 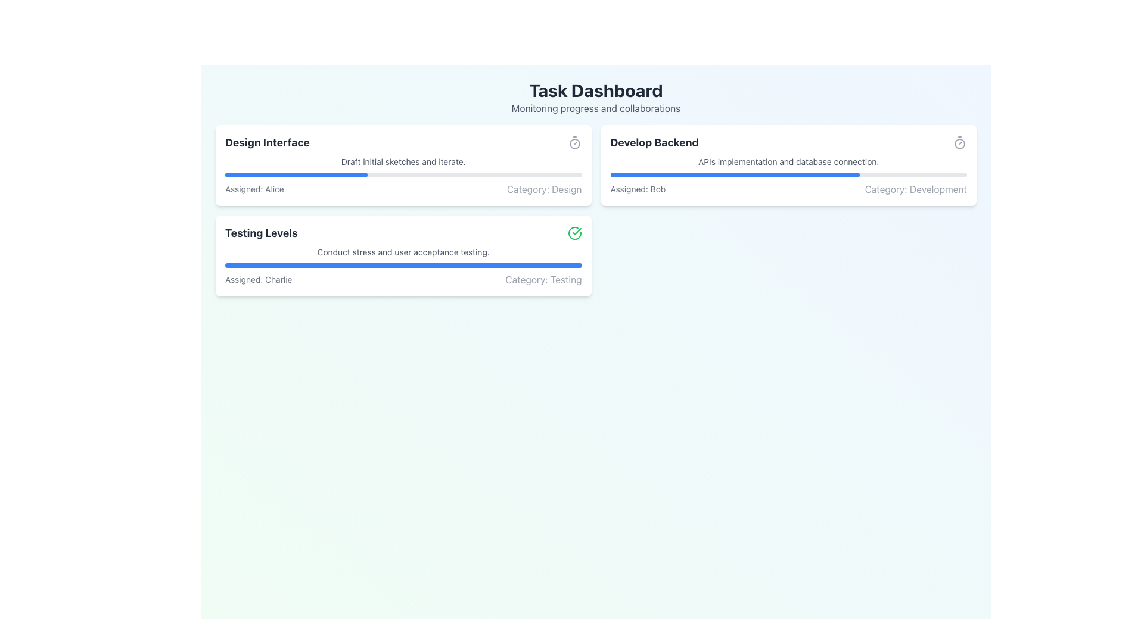 What do you see at coordinates (675, 174) in the screenshot?
I see `the progress bar value` at bounding box center [675, 174].